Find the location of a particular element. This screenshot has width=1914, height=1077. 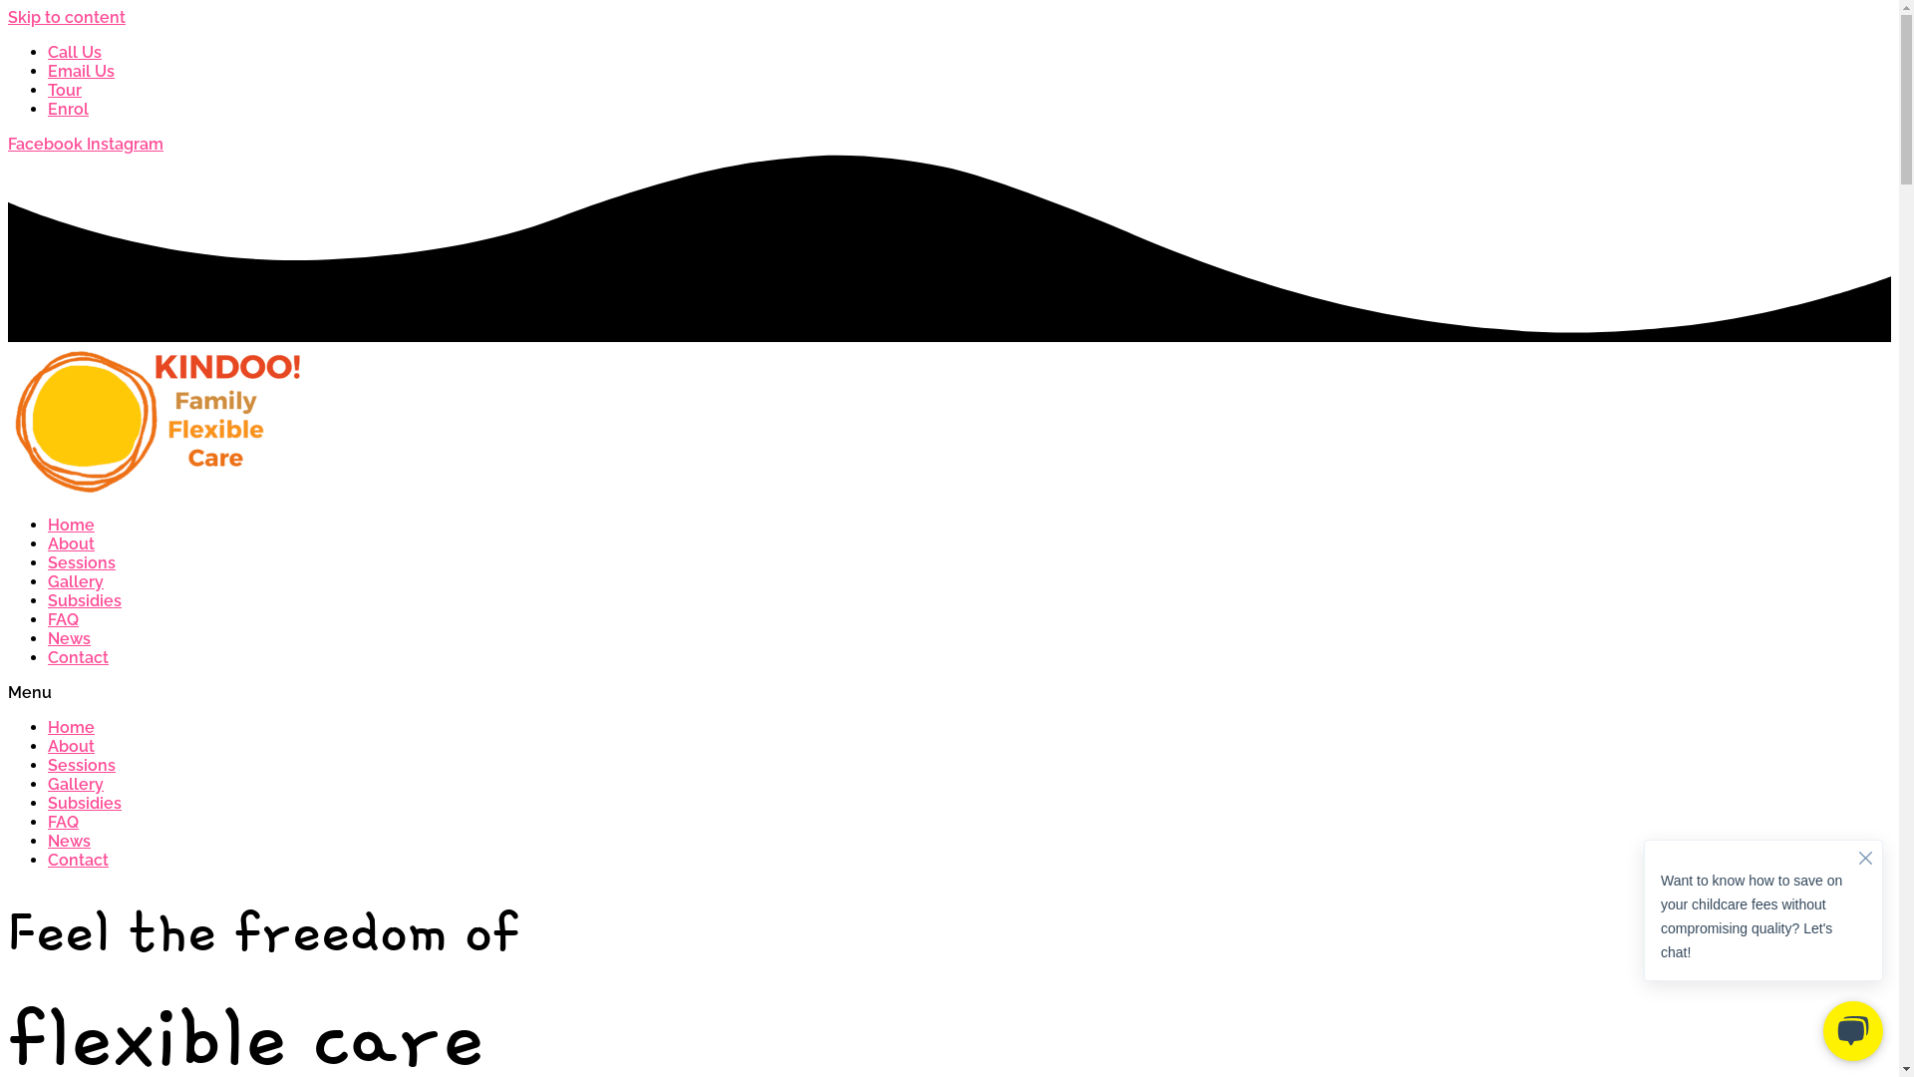

'About' is located at coordinates (71, 543).